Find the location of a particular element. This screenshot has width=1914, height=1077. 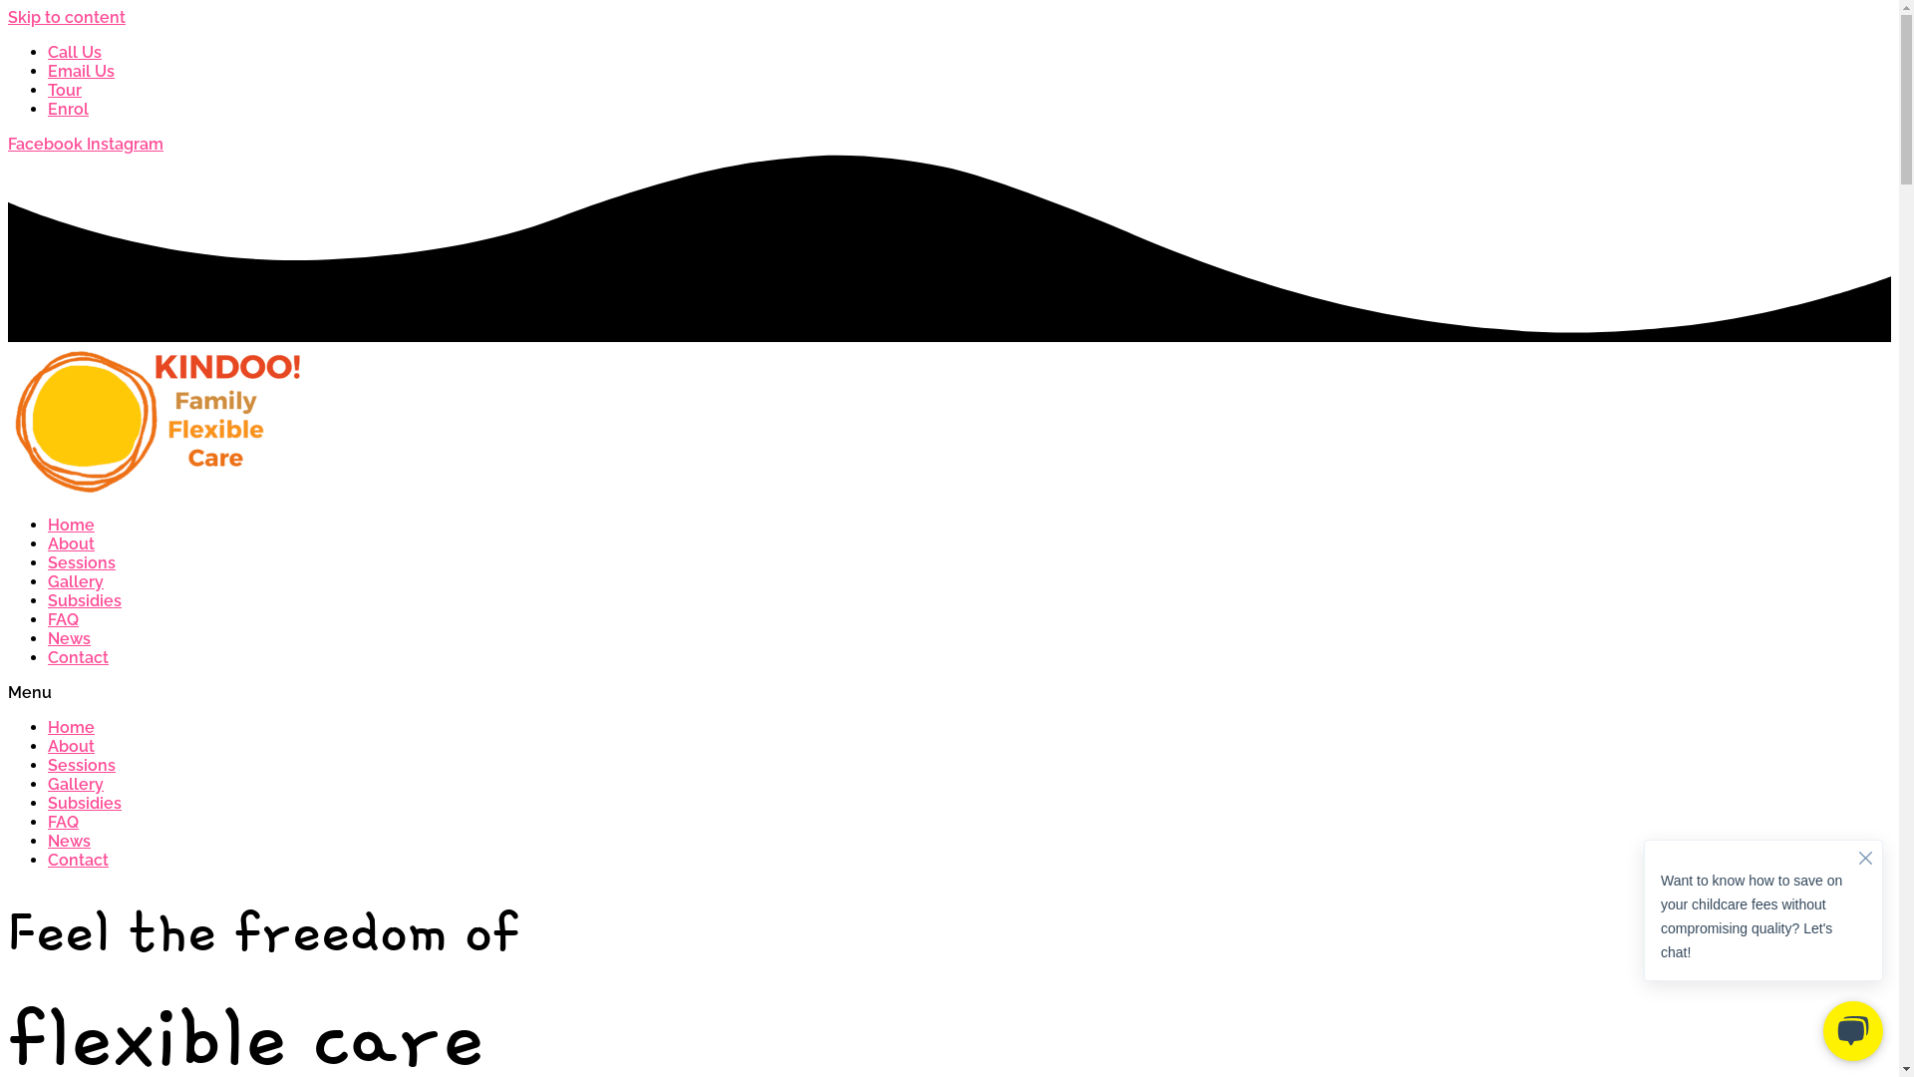

'About' is located at coordinates (71, 543).